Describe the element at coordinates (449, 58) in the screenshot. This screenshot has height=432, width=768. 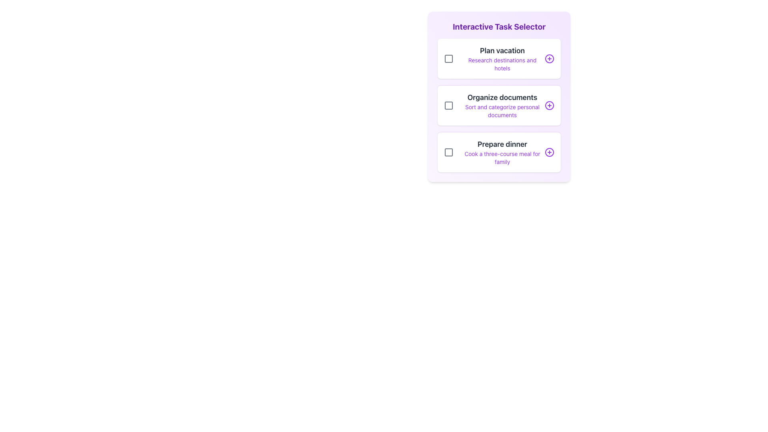
I see `the interactive checkbox located on the left side next to the text 'Plan vacation' to mark it as checked` at that location.